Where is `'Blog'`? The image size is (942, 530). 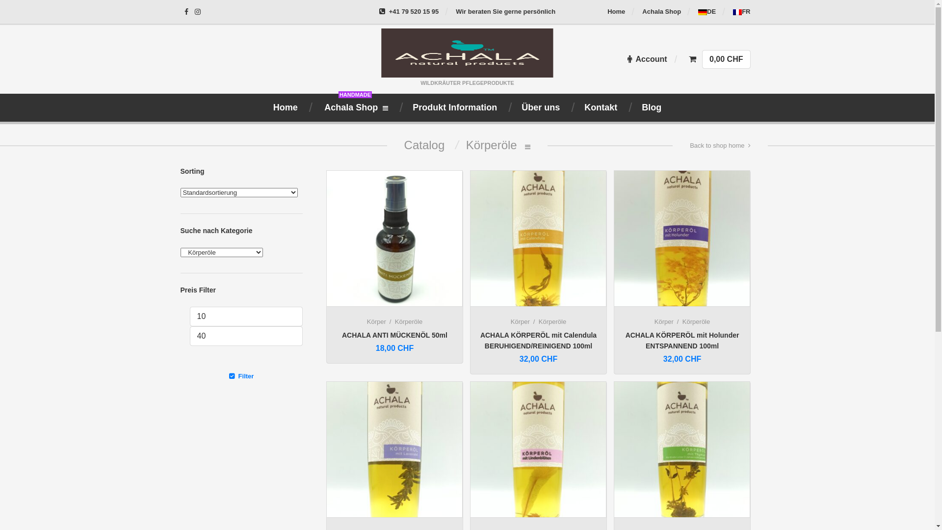
'Blog' is located at coordinates (652, 107).